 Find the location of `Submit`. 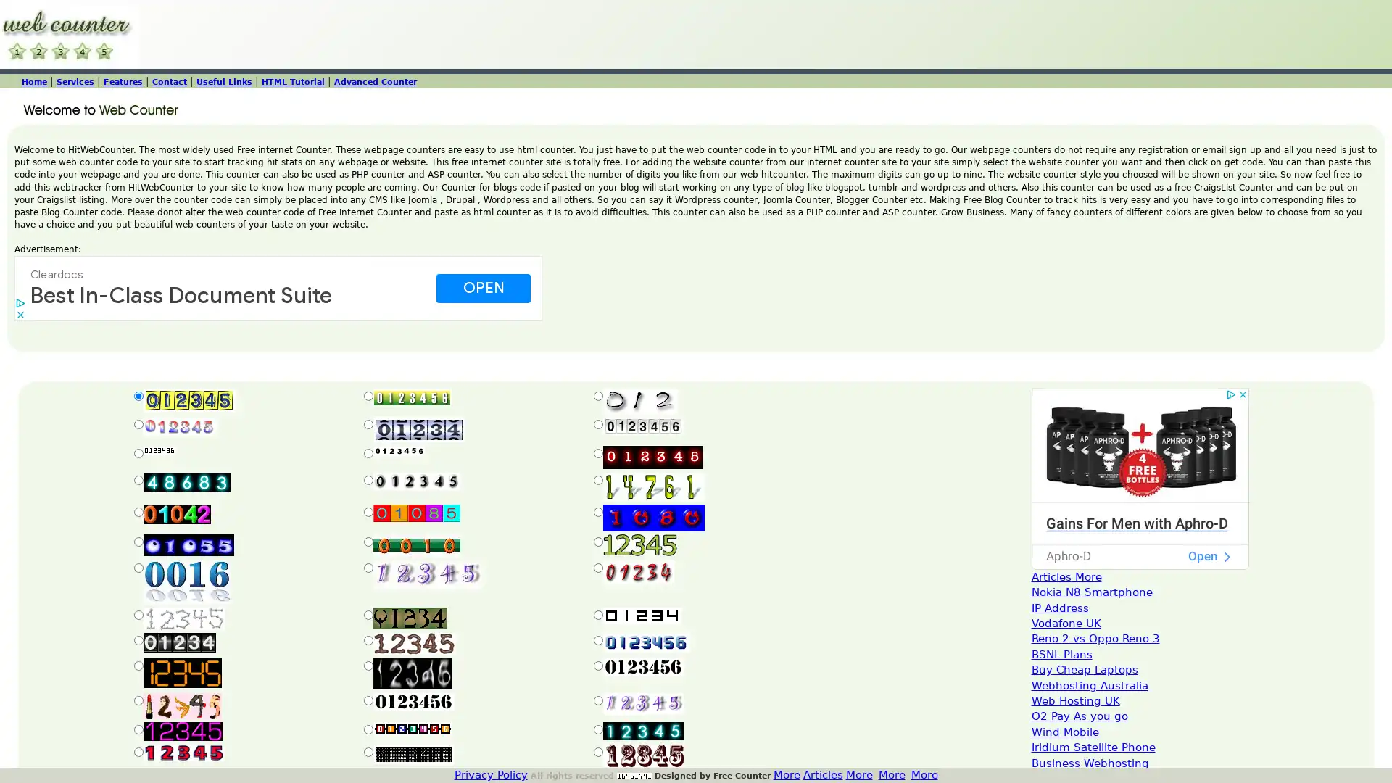

Submit is located at coordinates (179, 642).